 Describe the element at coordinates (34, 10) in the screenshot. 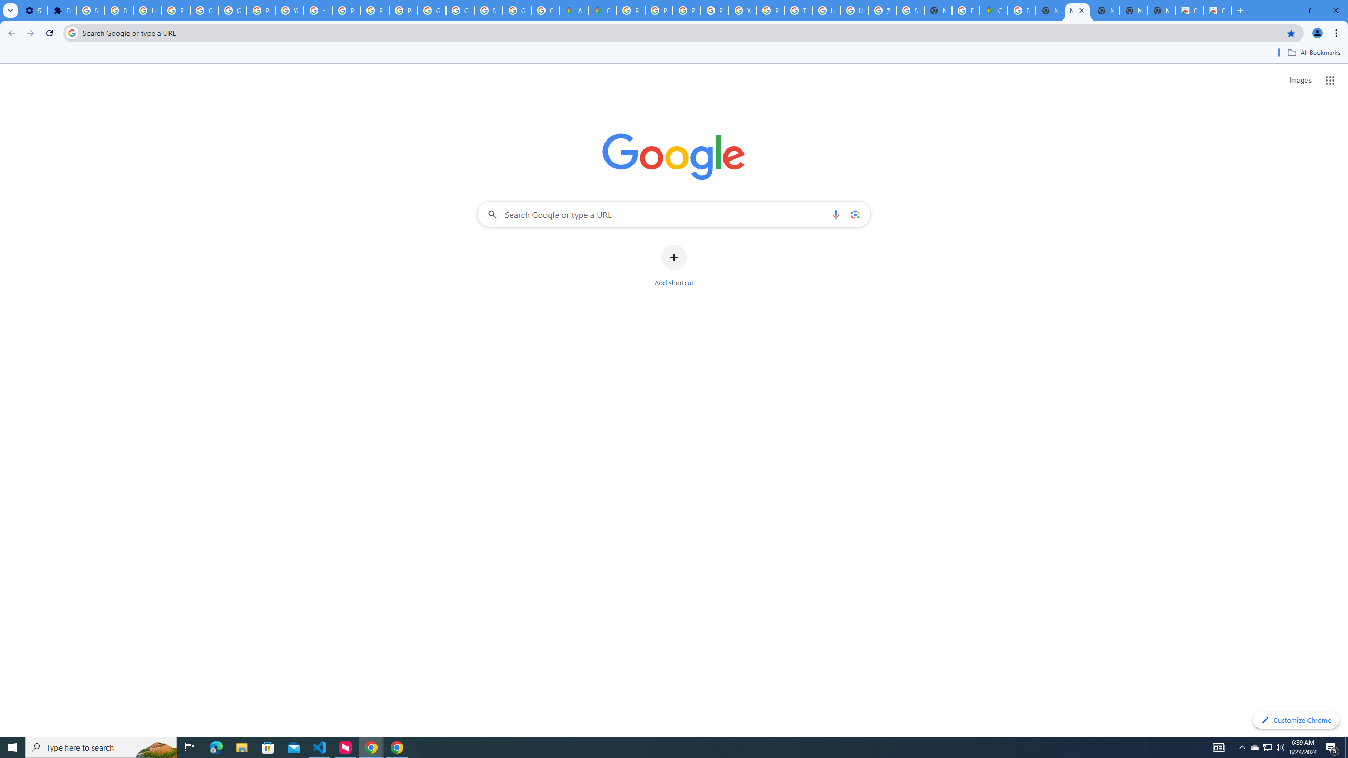

I see `'Settings - On startup'` at that location.